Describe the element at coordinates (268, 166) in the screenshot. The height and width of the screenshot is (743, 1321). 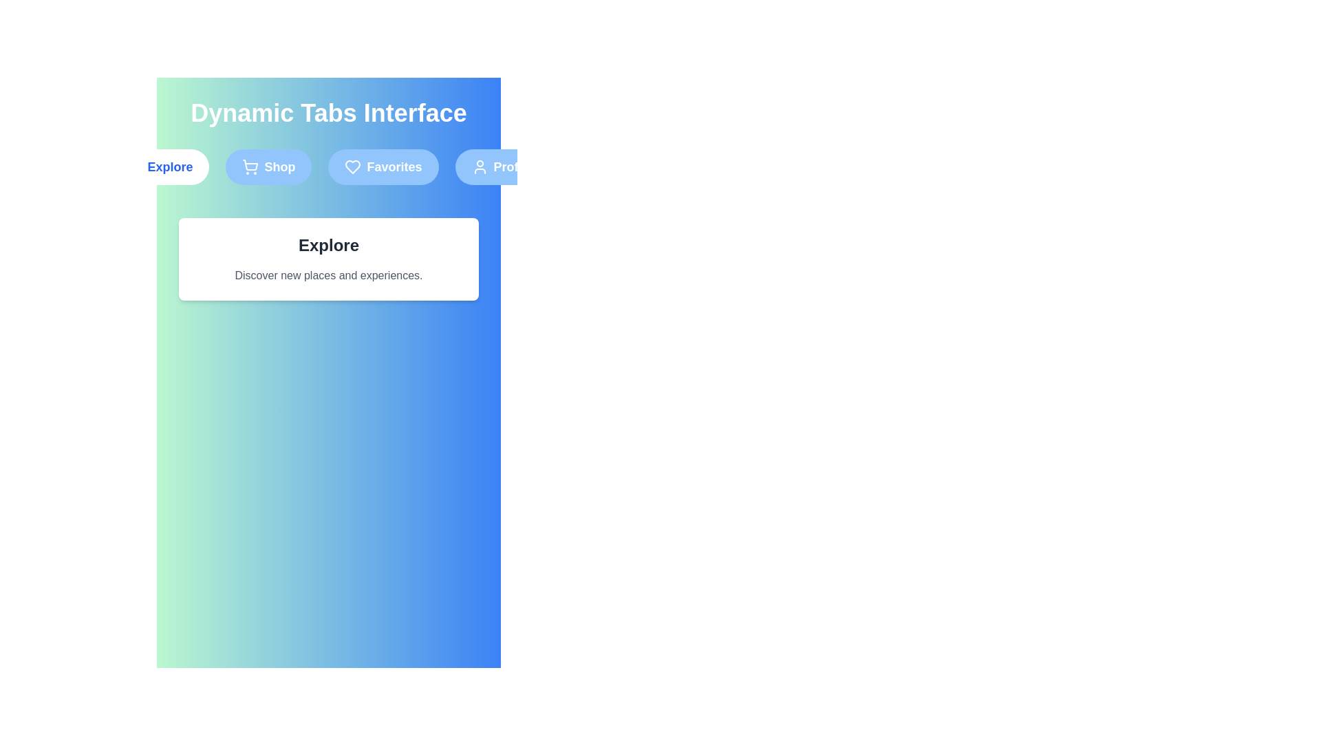
I see `the Shop tab by clicking on its label` at that location.